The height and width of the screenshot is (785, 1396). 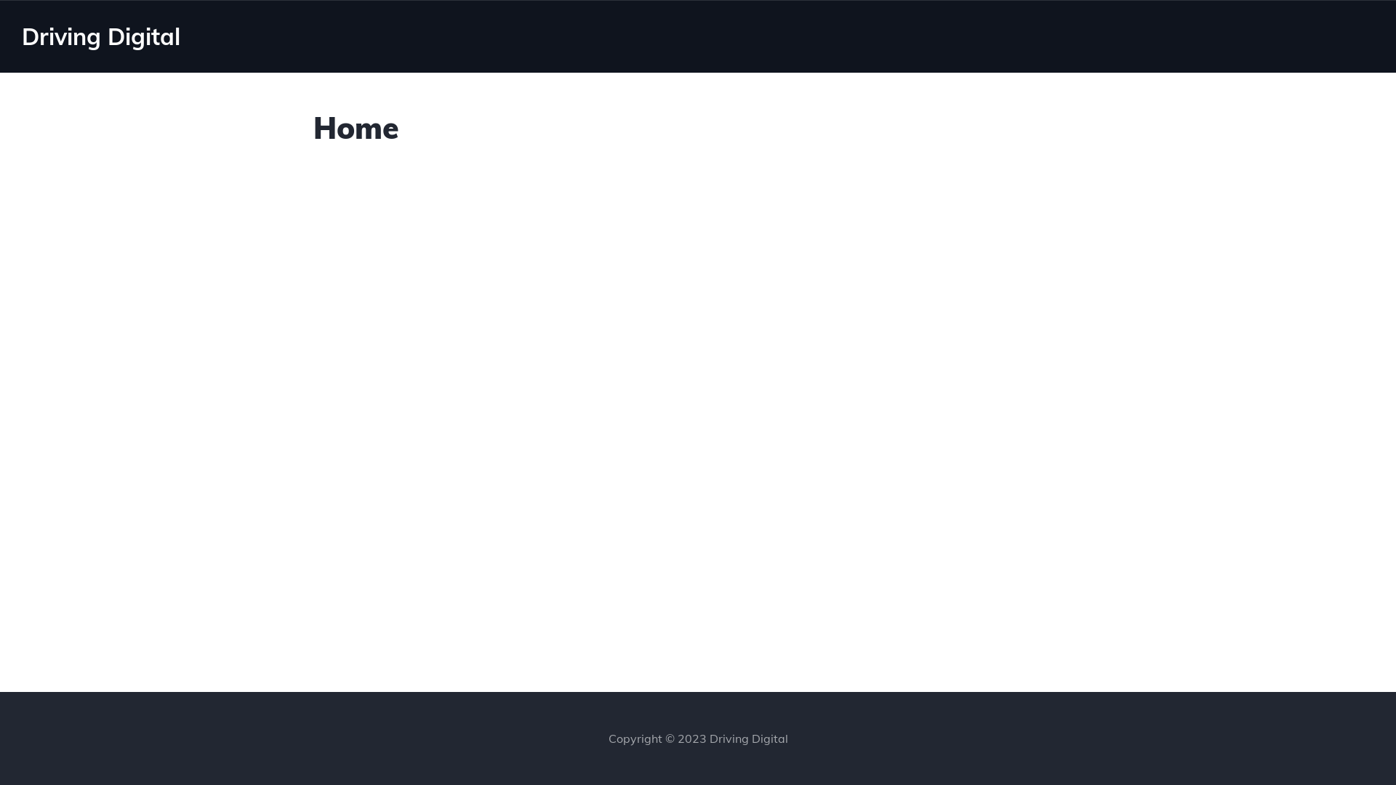 I want to click on 'Driving Digital', so click(x=21, y=36).